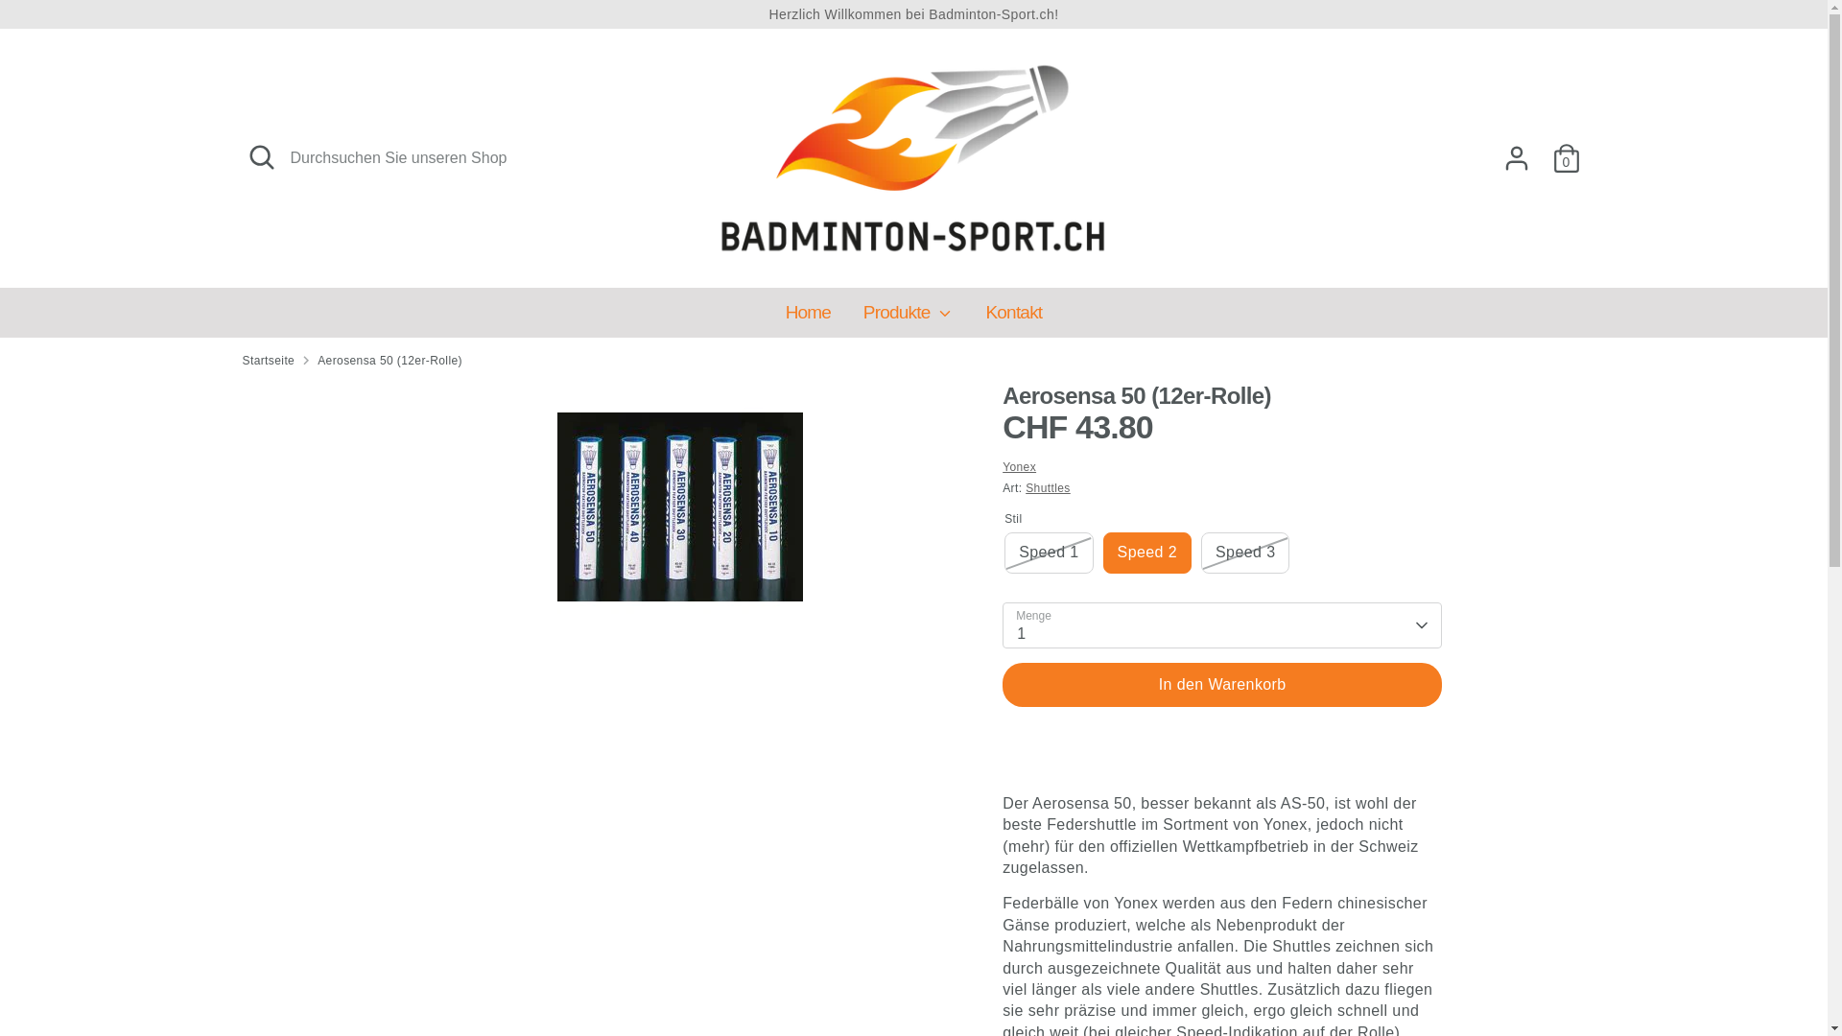 The height and width of the screenshot is (1036, 1842). Describe the element at coordinates (267, 361) in the screenshot. I see `'Startseite'` at that location.